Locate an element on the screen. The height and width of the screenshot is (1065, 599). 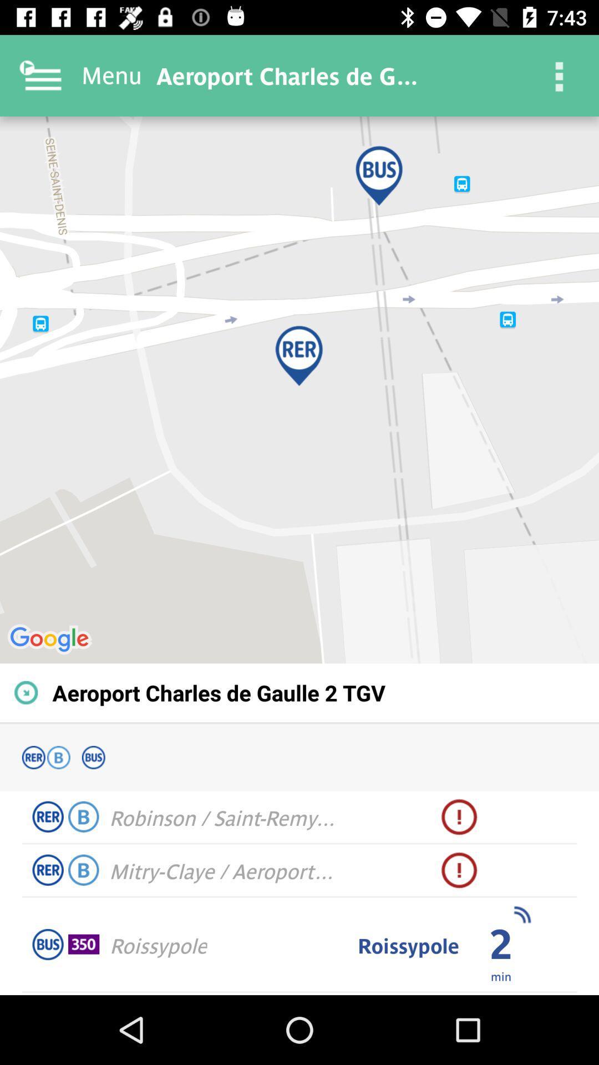
item next to the aeroport charles de item is located at coordinates (558, 75).